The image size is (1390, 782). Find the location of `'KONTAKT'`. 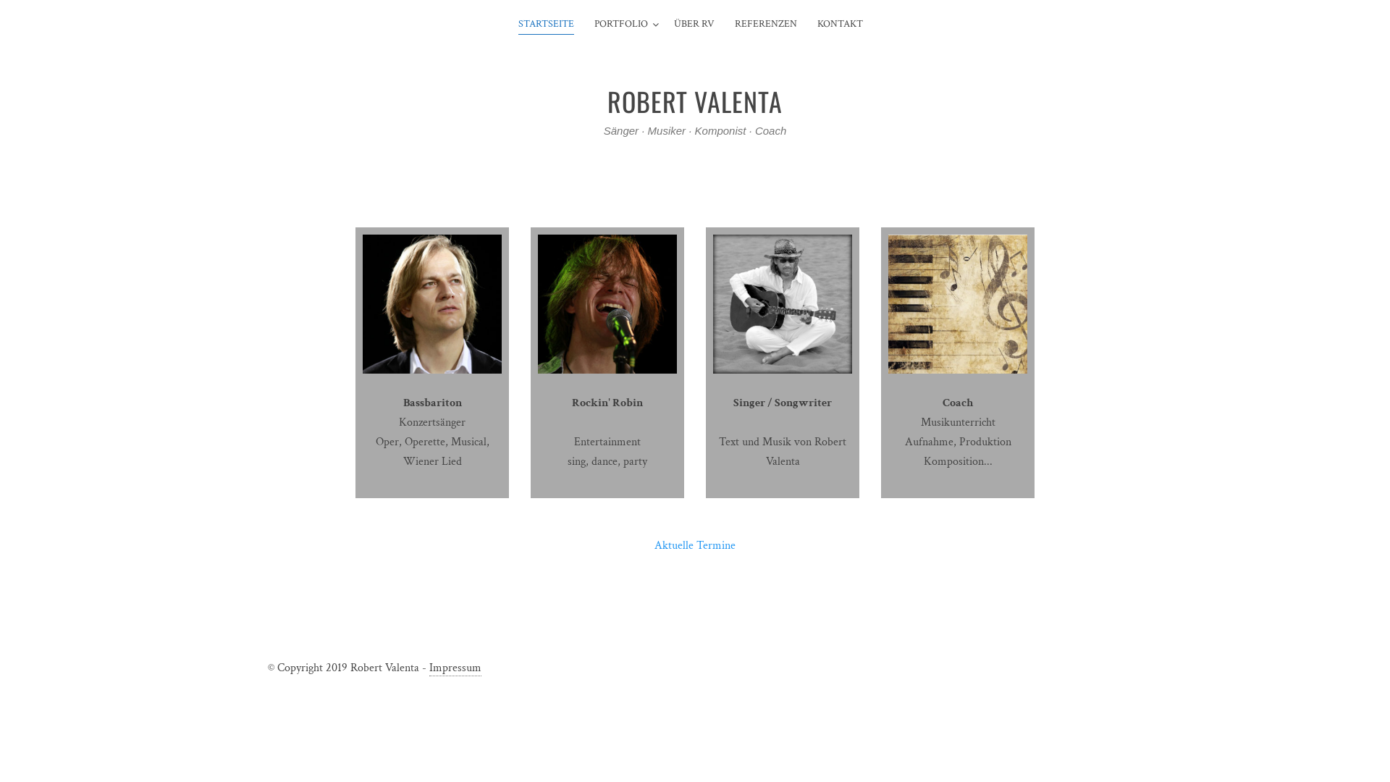

'KONTAKT' is located at coordinates (840, 25).